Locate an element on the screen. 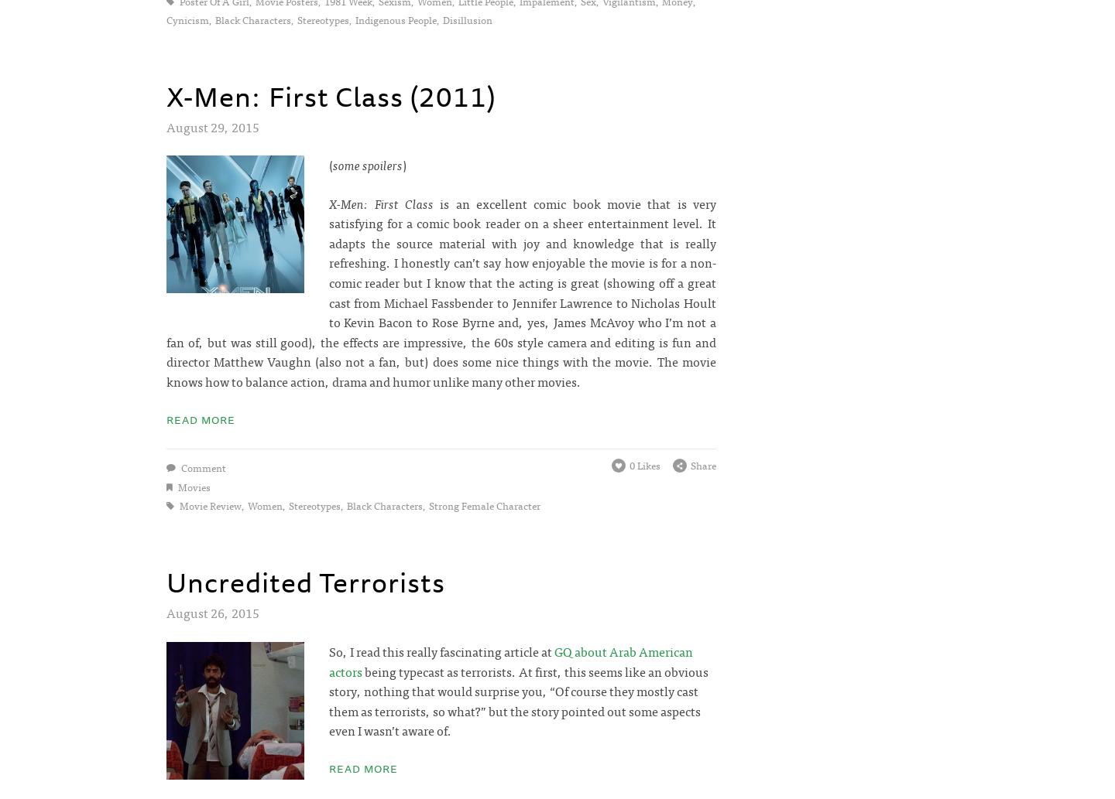 This screenshot has height=799, width=1115. 'Uncredited Terrorists' is located at coordinates (166, 582).